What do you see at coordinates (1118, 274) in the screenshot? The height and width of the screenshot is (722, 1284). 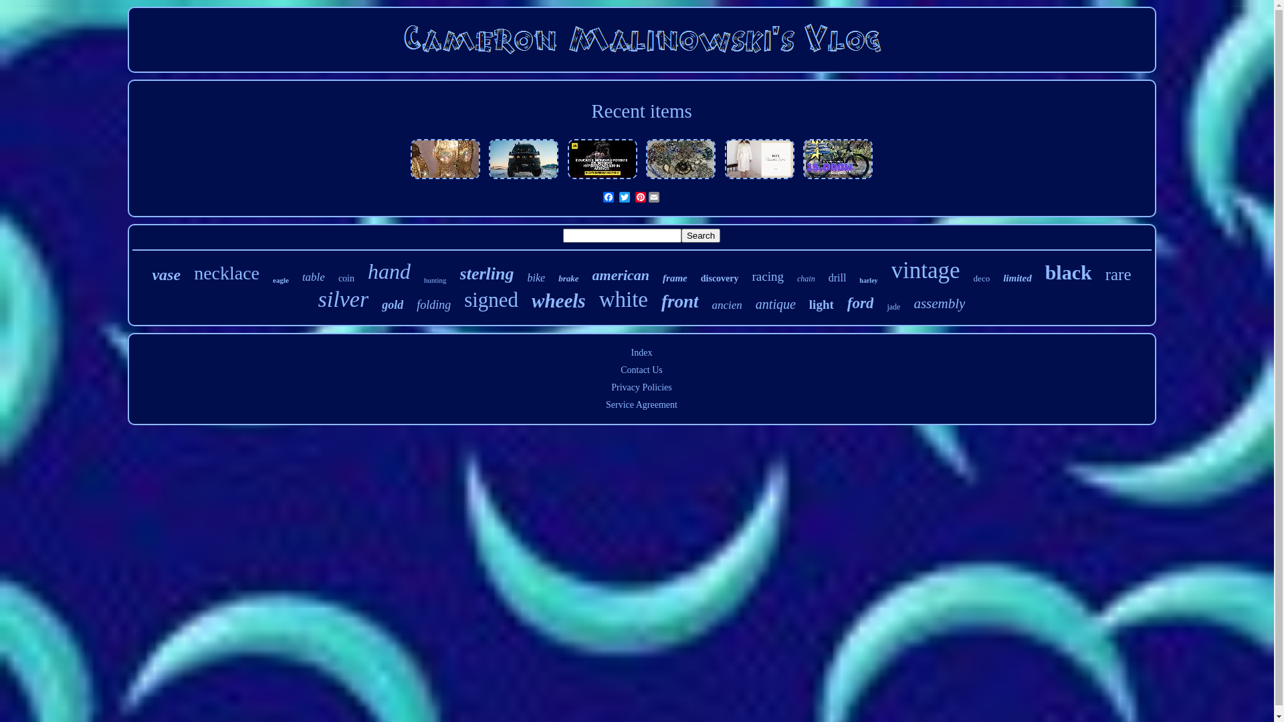 I see `'rare'` at bounding box center [1118, 274].